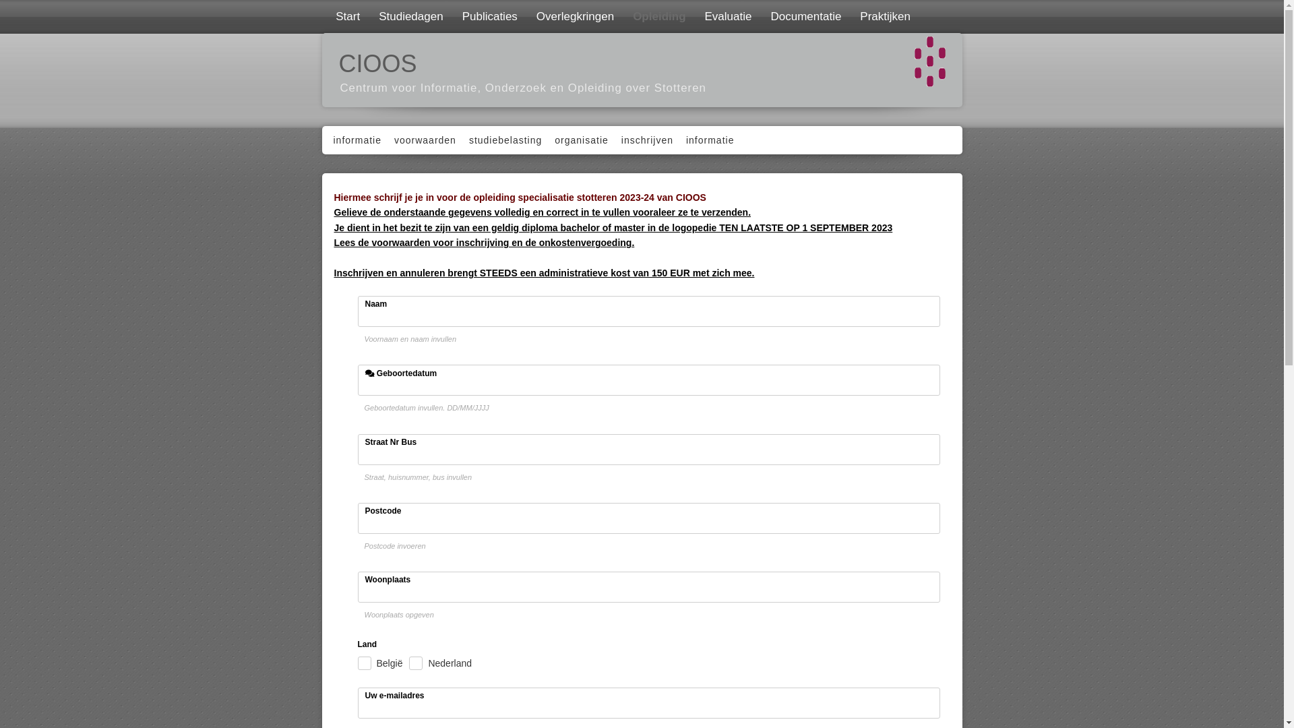 Image resolution: width=1294 pixels, height=728 pixels. I want to click on 'Praktijken', so click(848, 16).